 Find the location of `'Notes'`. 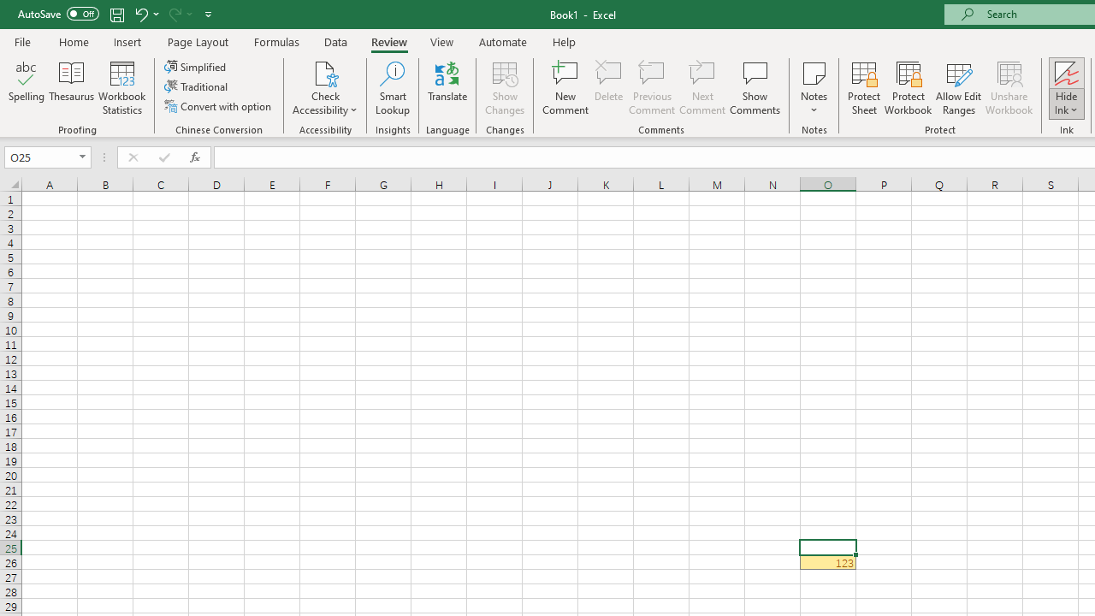

'Notes' is located at coordinates (813, 88).